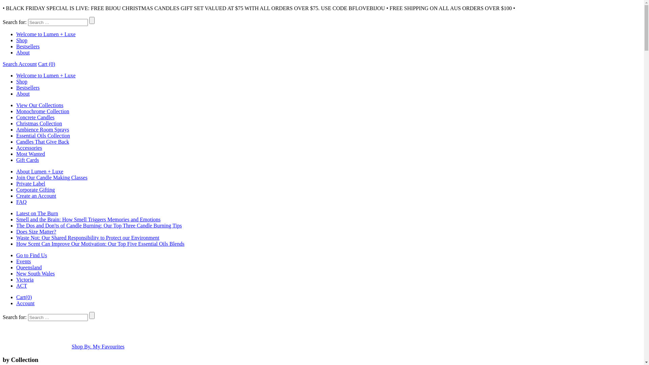 This screenshot has width=649, height=365. What do you see at coordinates (30, 184) in the screenshot?
I see `'Private Label'` at bounding box center [30, 184].